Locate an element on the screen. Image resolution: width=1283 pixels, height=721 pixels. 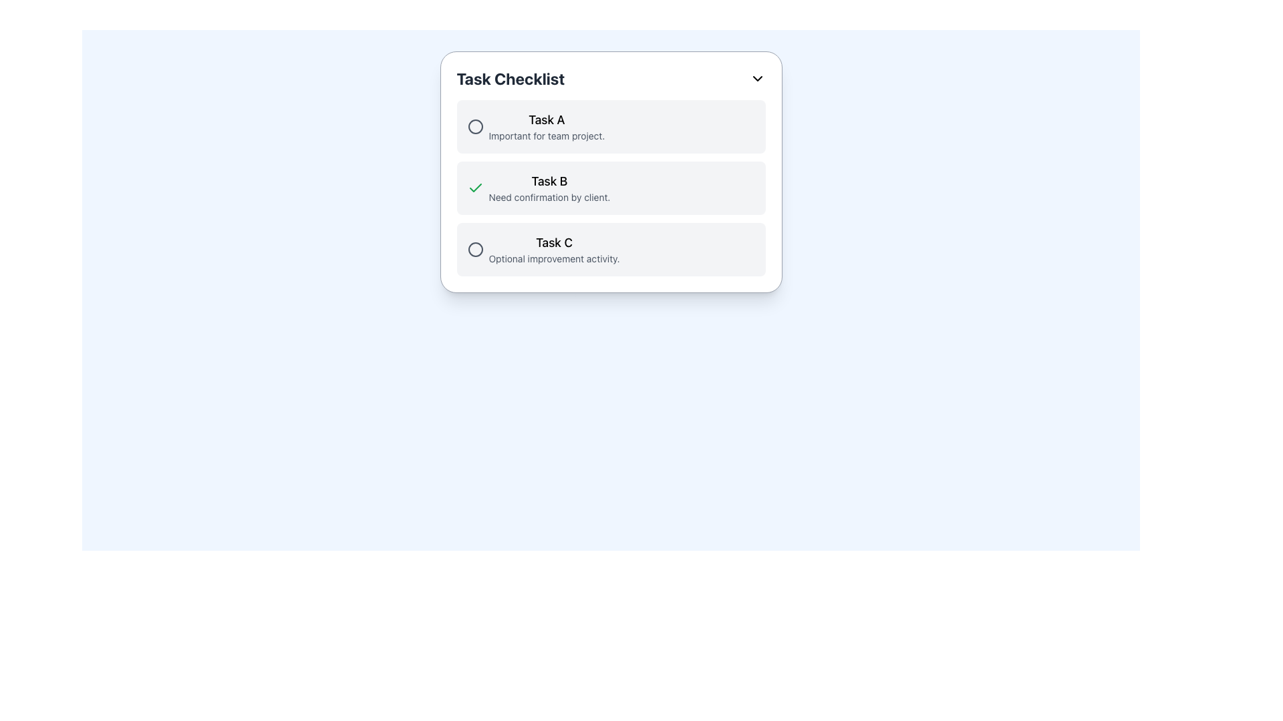
the third checklist item titled 'Task C' located under the 'Task Checklist' section is located at coordinates (610, 250).